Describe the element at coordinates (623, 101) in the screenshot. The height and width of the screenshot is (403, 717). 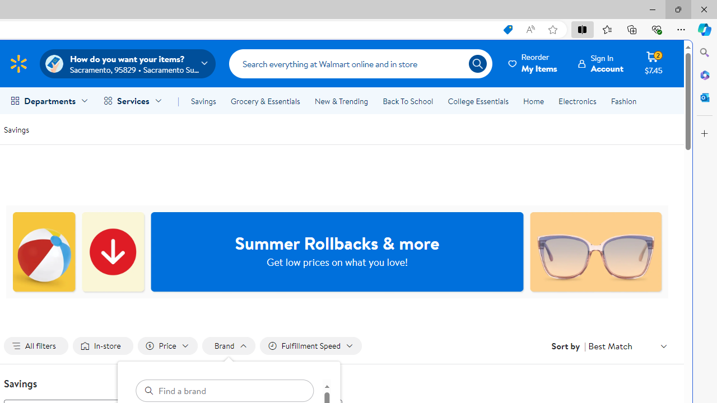
I see `'Fashion'` at that location.